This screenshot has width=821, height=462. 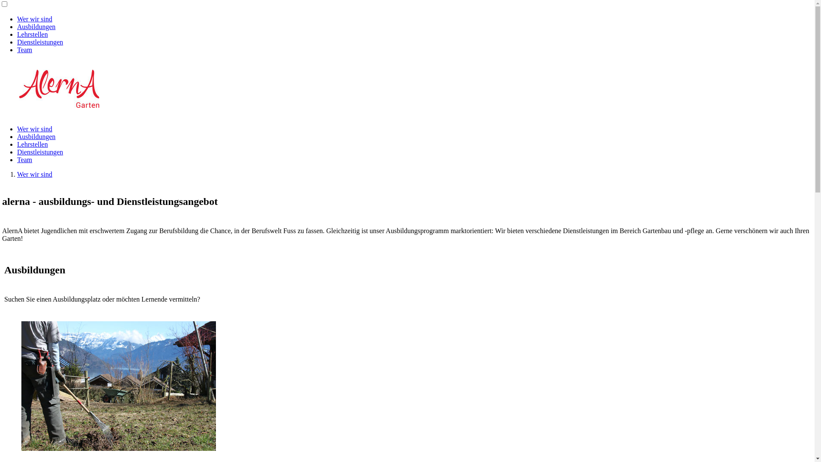 I want to click on 'Ausbildungen', so click(x=36, y=26).